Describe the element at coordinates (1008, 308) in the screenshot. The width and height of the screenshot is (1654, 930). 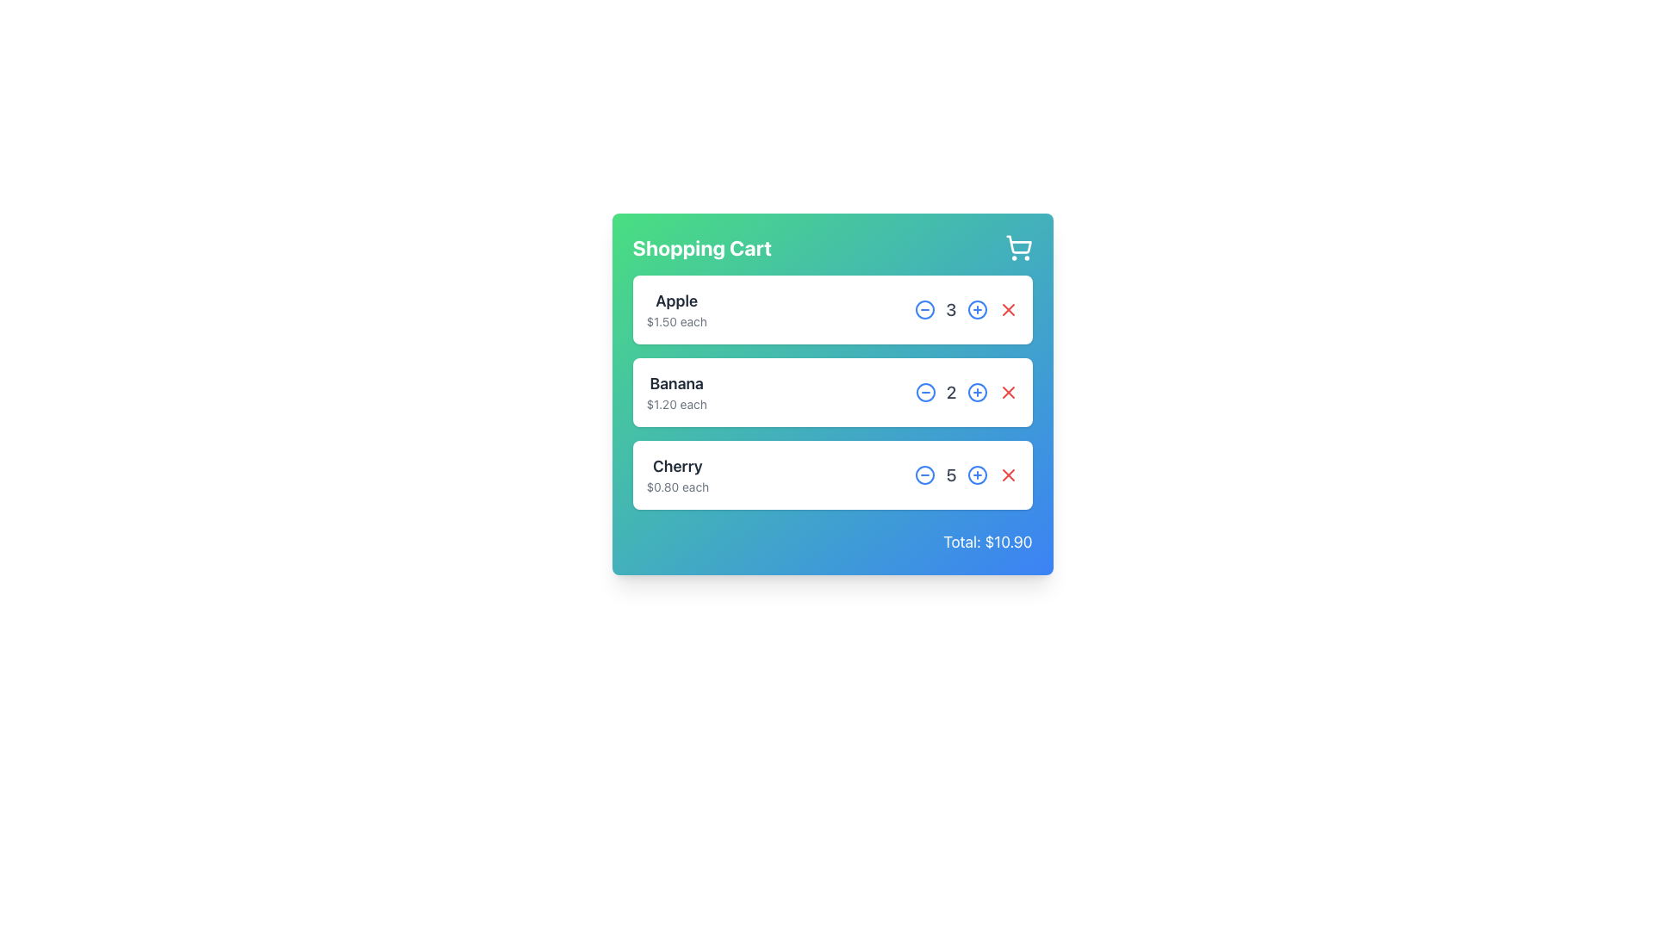
I see `the red cross ('X') button` at that location.